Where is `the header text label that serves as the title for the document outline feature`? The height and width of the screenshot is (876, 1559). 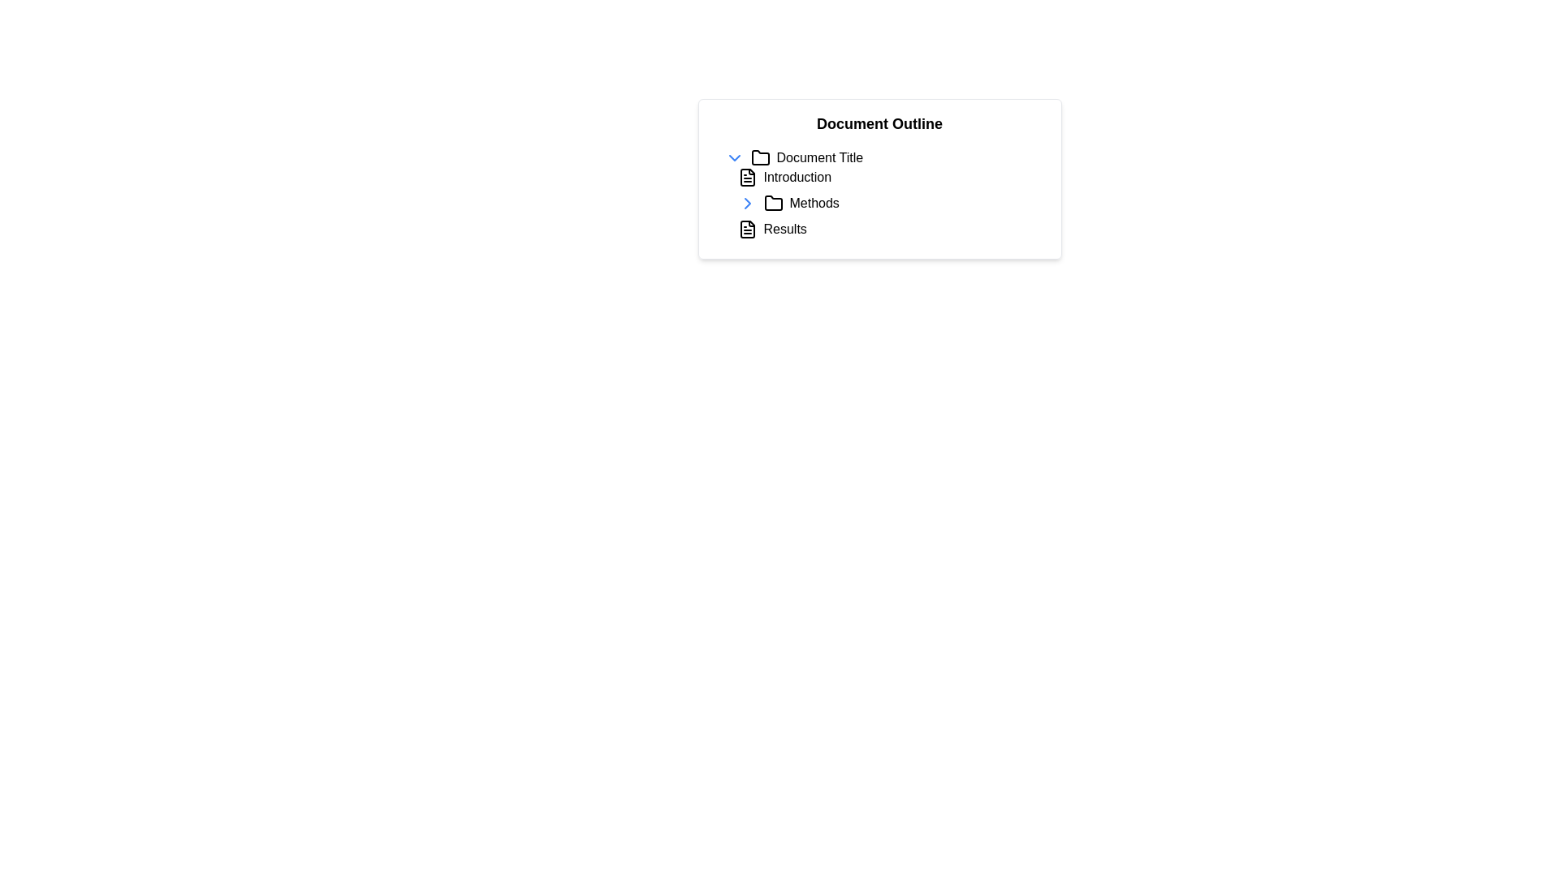 the header text label that serves as the title for the document outline feature is located at coordinates (879, 123).